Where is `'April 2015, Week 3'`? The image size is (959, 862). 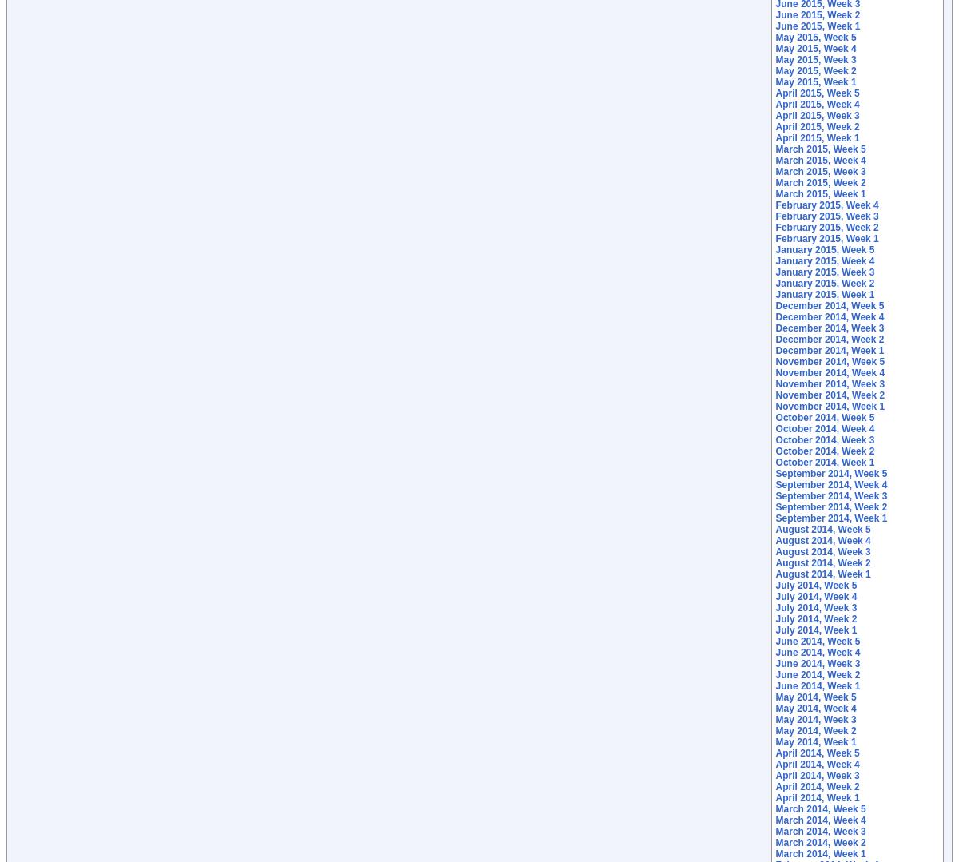
'April 2015, Week 3' is located at coordinates (817, 115).